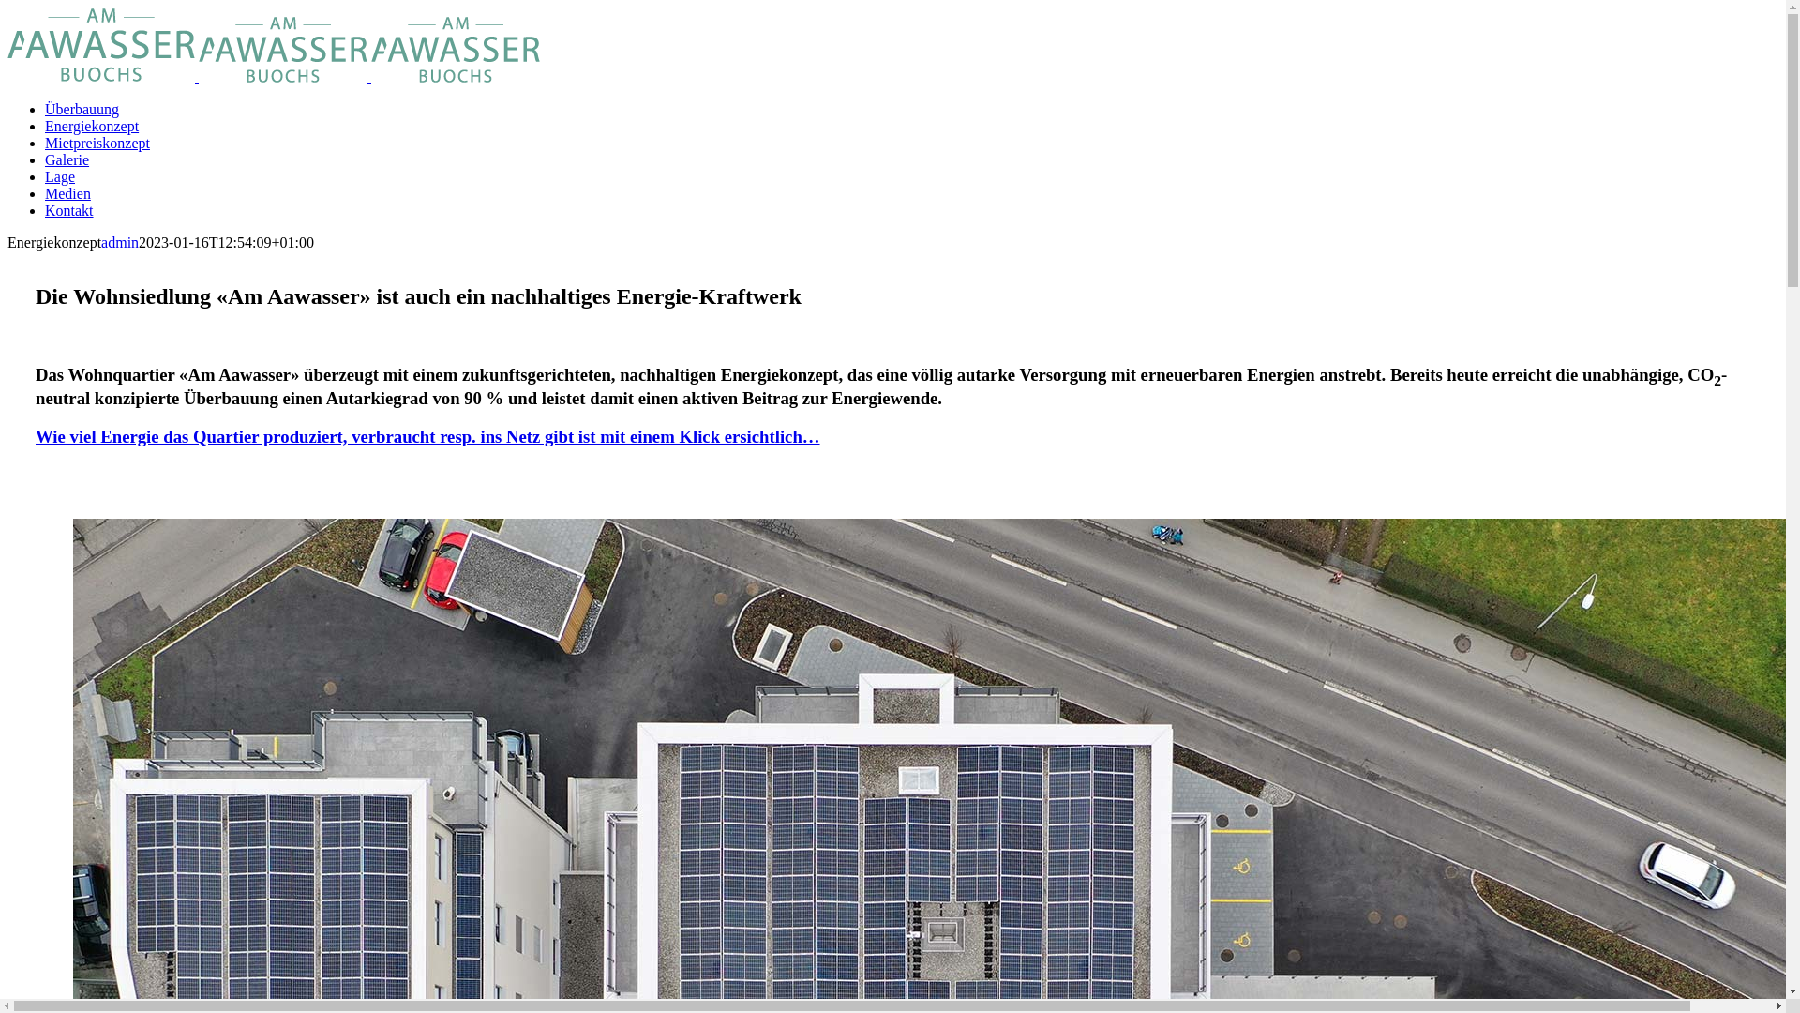 The image size is (1800, 1013). Describe the element at coordinates (90, 126) in the screenshot. I see `'Energiekonzept'` at that location.